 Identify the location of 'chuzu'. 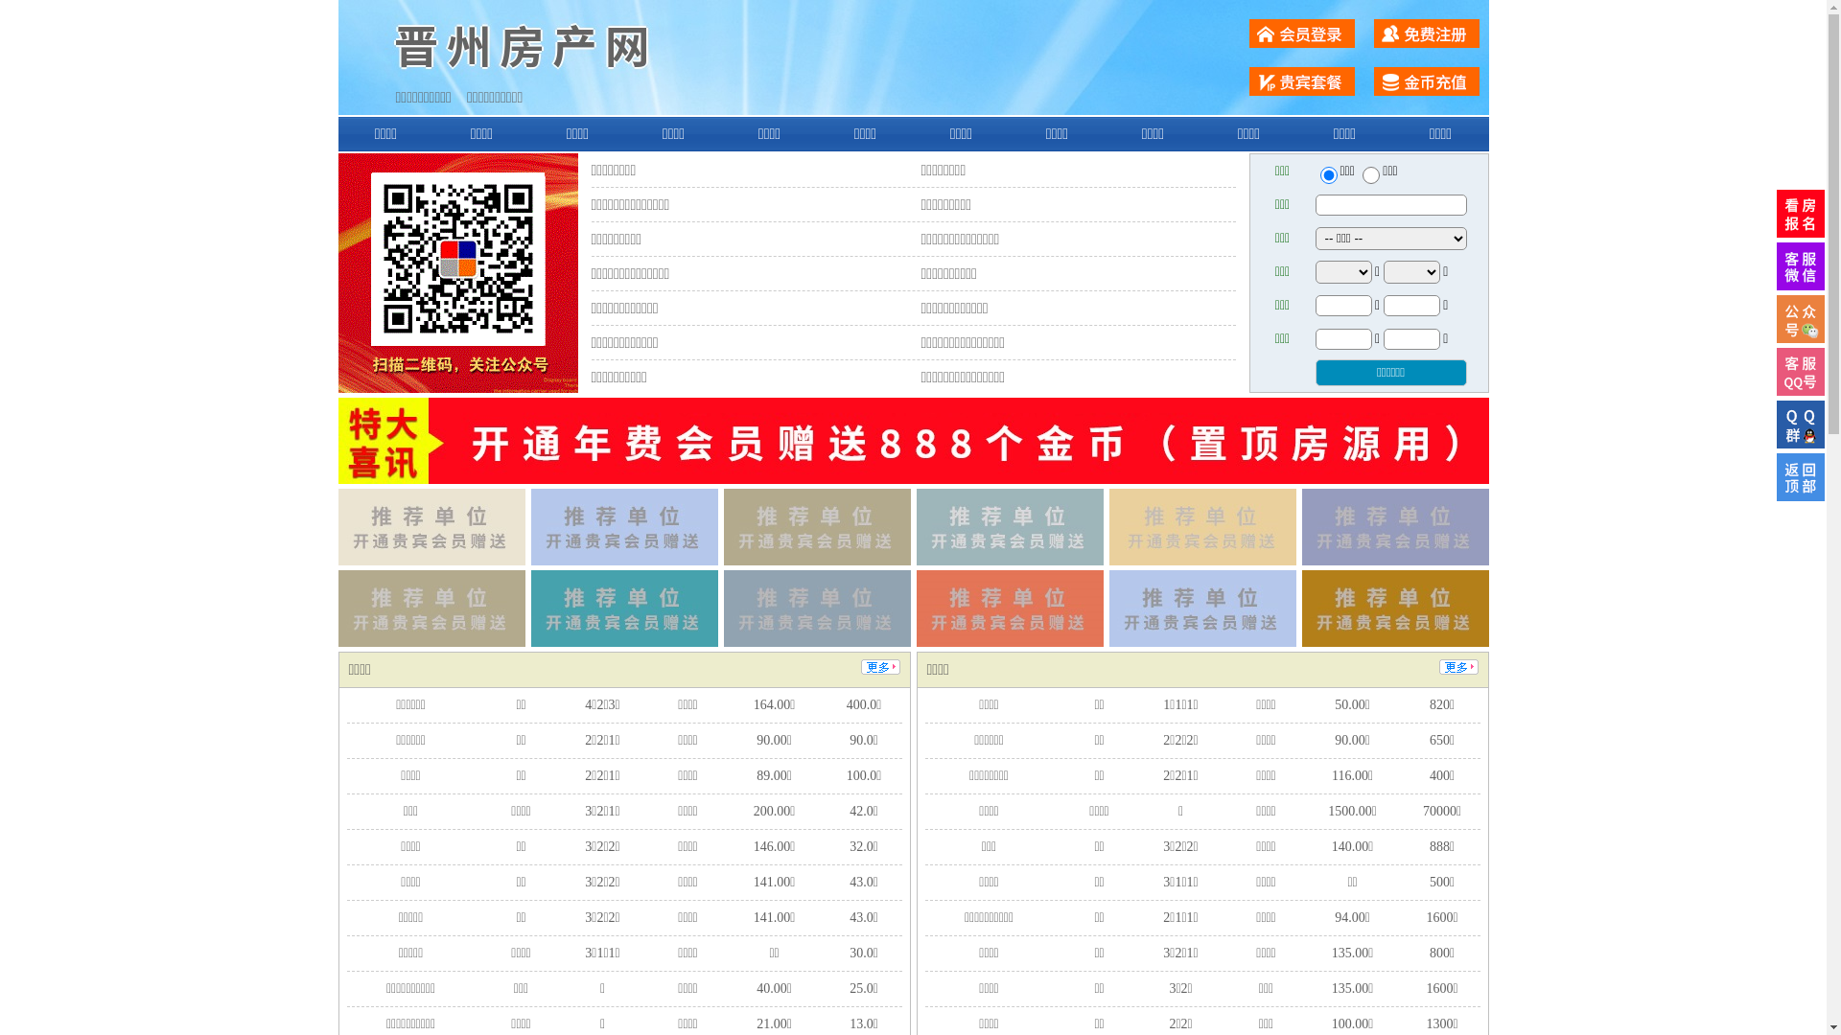
(1370, 174).